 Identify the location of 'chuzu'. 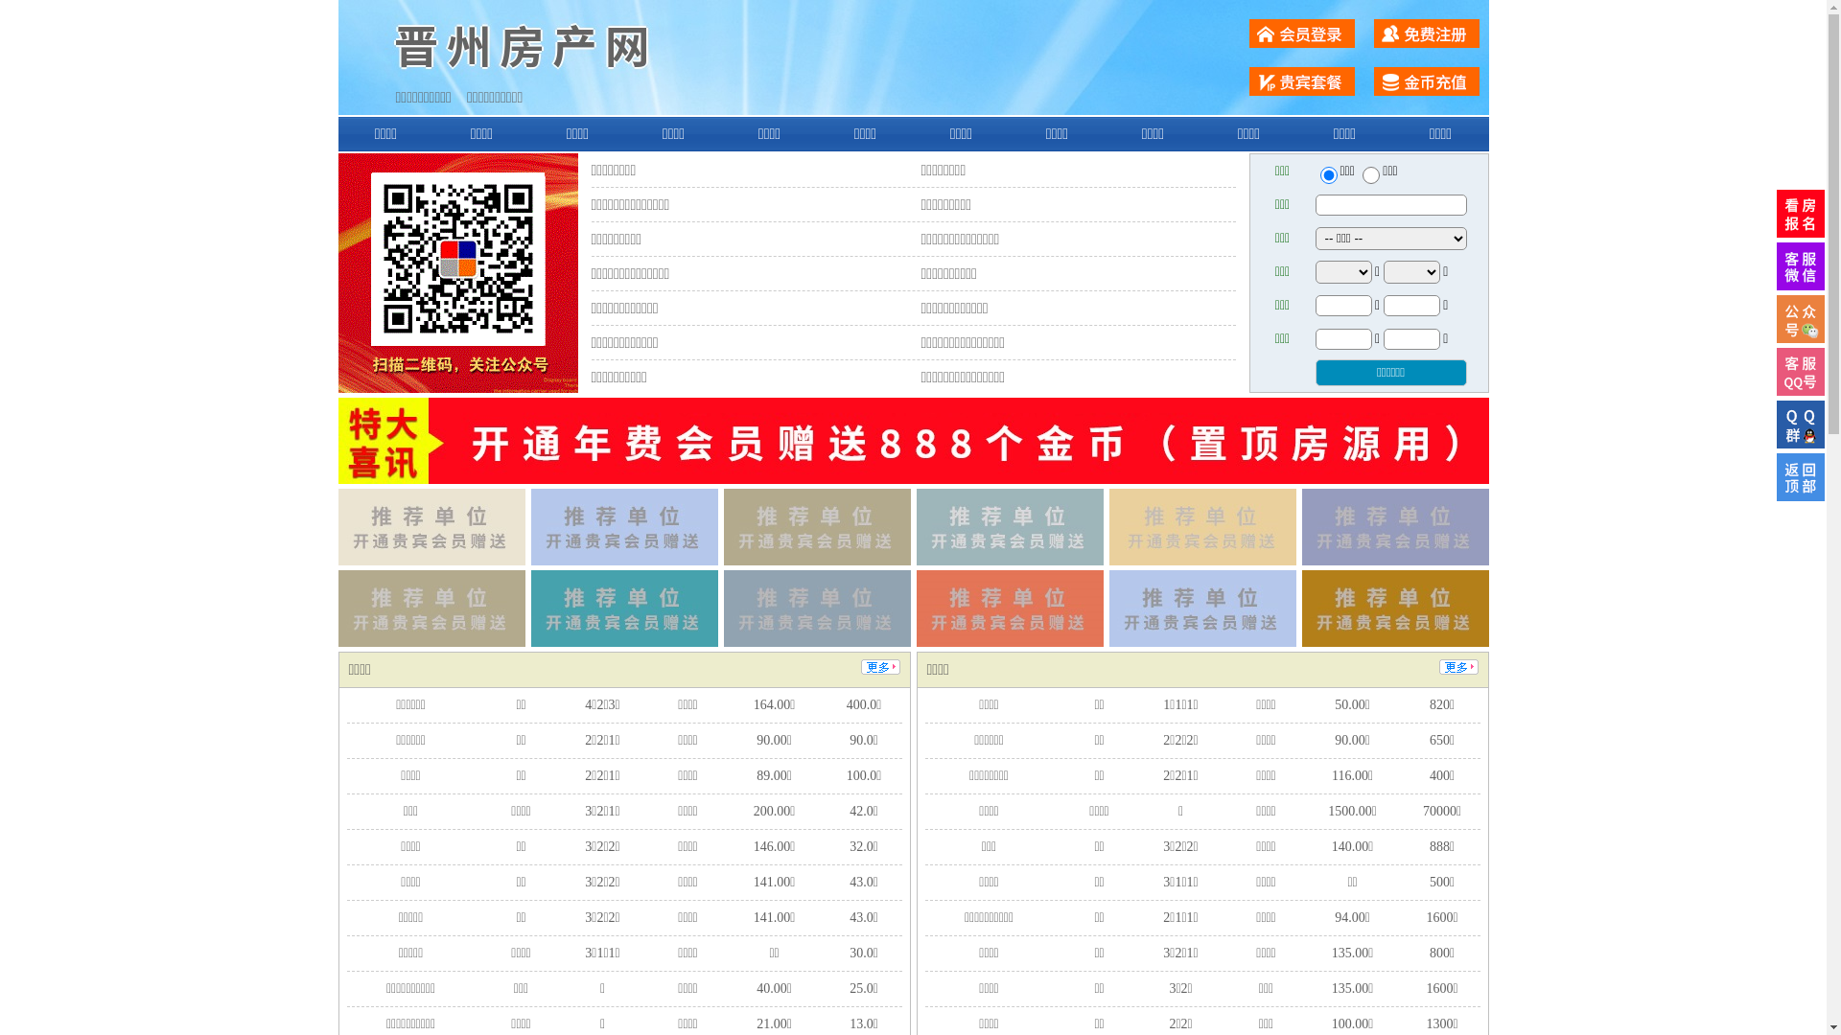
(1370, 174).